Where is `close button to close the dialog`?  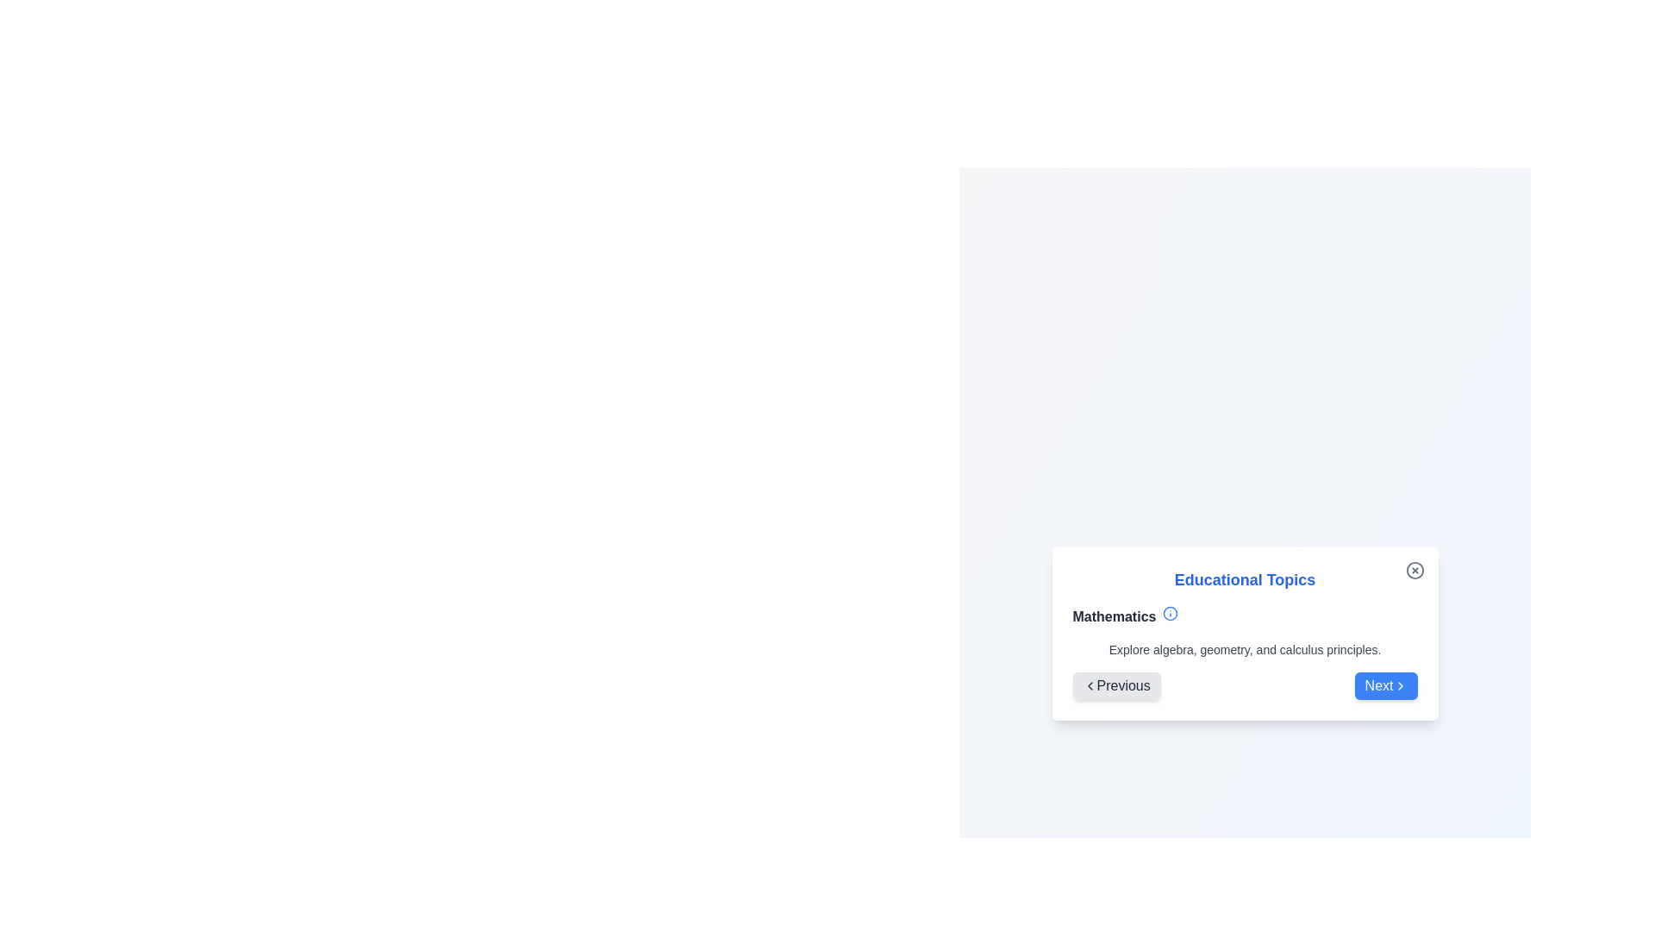
close button to close the dialog is located at coordinates (1415, 570).